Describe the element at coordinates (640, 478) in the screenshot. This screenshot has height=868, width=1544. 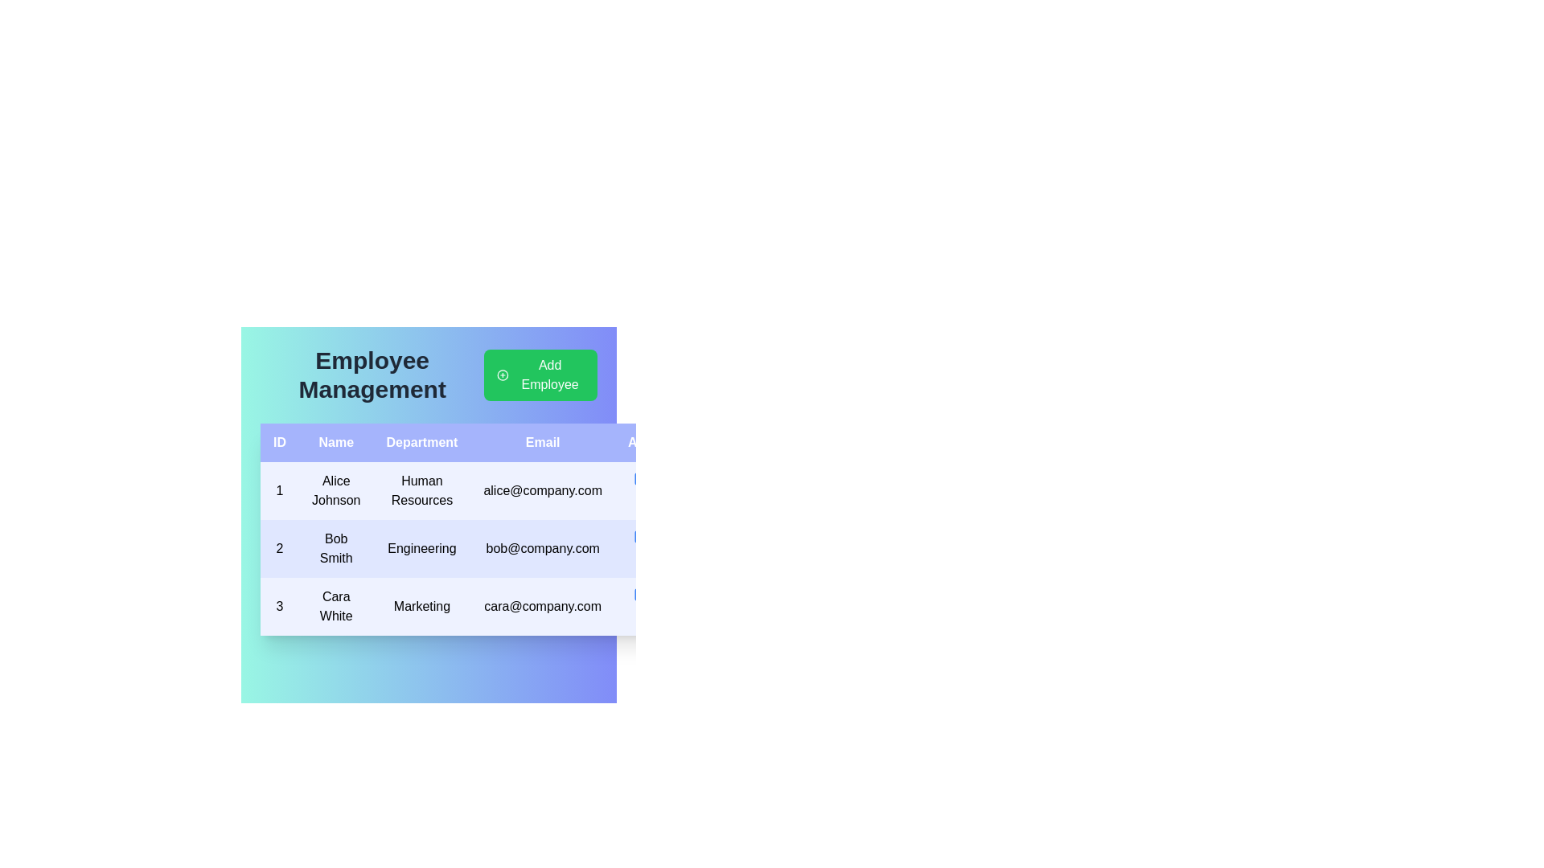
I see `the edit button in the action column of the first row of the data table to trigger a color change effect` at that location.